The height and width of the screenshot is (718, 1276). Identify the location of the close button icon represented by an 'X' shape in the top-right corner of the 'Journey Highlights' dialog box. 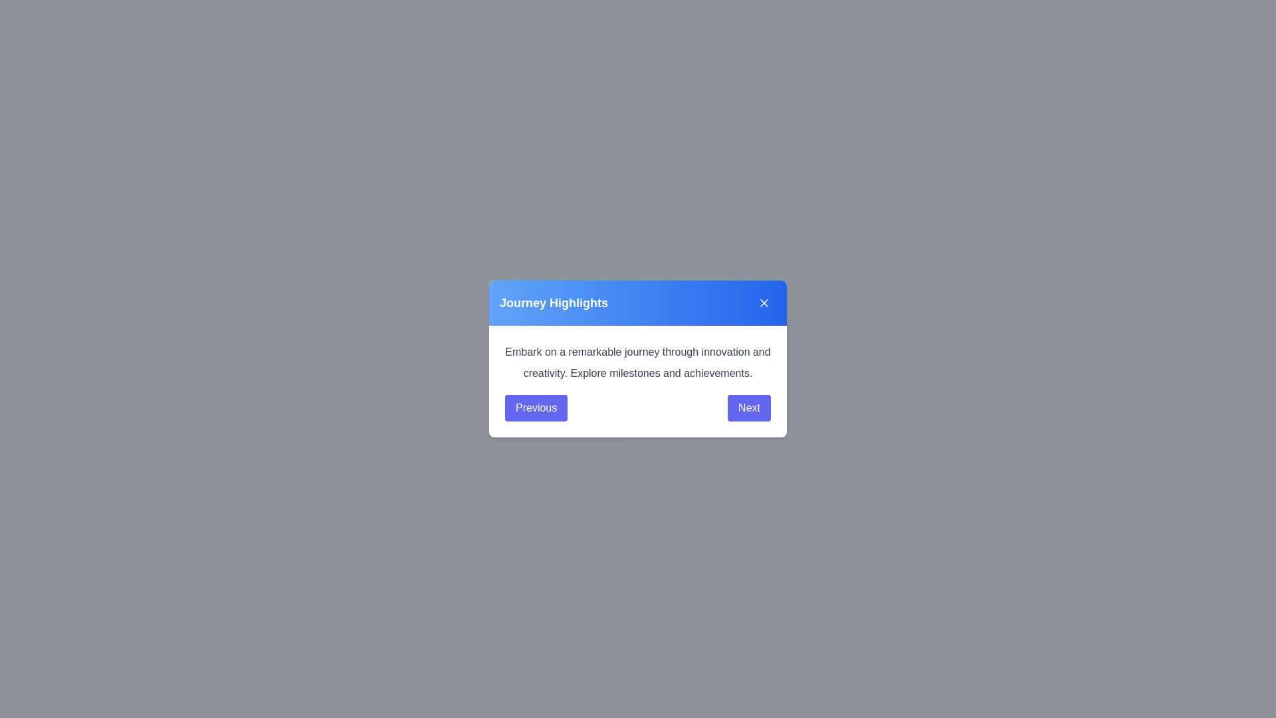
(764, 302).